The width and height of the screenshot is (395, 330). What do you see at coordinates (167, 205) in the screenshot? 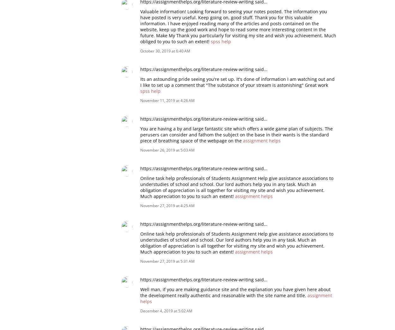
I see `'November 27, 2019 at 4:25 AM'` at bounding box center [167, 205].